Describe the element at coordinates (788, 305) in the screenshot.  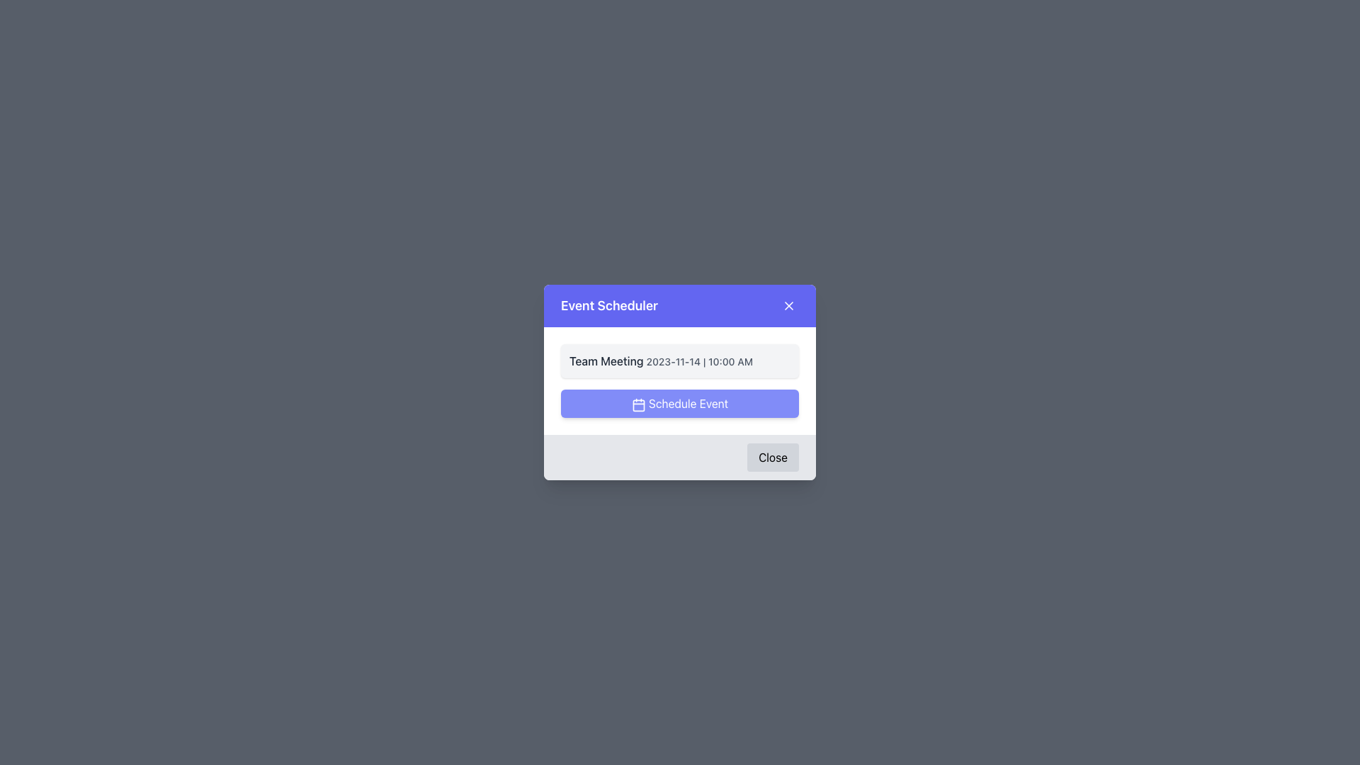
I see `the small circular button with an 'X' icon located in the top-right corner of the modal's purple header` at that location.